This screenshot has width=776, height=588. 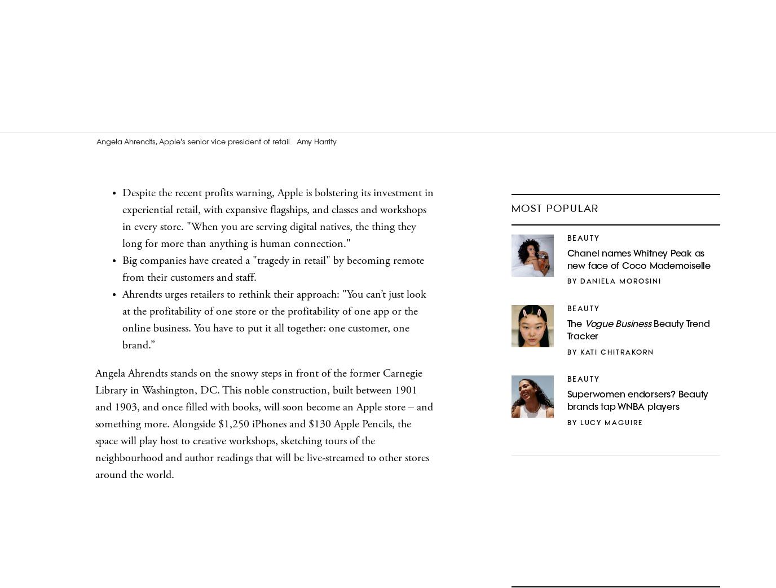 What do you see at coordinates (122, 319) in the screenshot?
I see `'Ahrendts urges retailers to rethink their approach: "You can’t just look at the profitability of one store or the profitability of one app or the online business. You have to put it all together: one customer, one brand.”'` at bounding box center [122, 319].